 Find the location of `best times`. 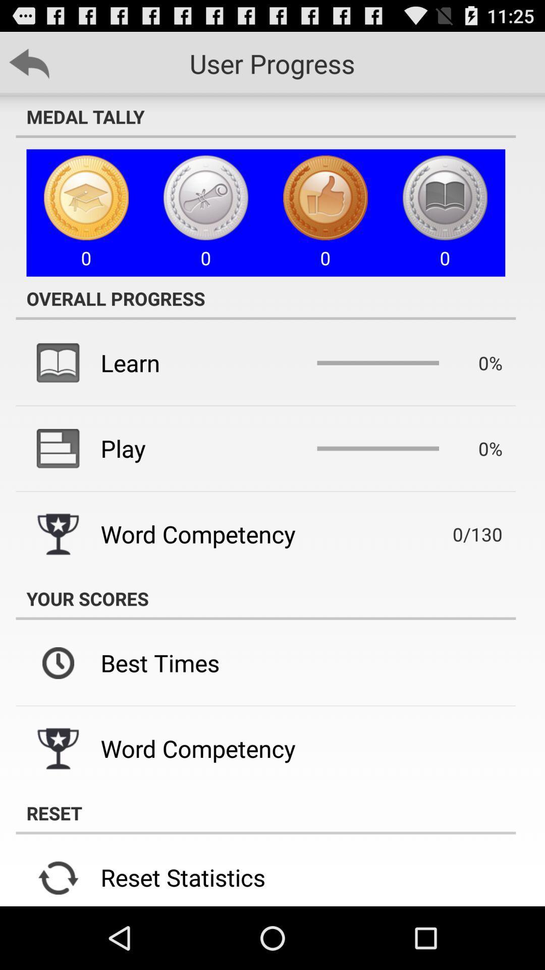

best times is located at coordinates (159, 663).